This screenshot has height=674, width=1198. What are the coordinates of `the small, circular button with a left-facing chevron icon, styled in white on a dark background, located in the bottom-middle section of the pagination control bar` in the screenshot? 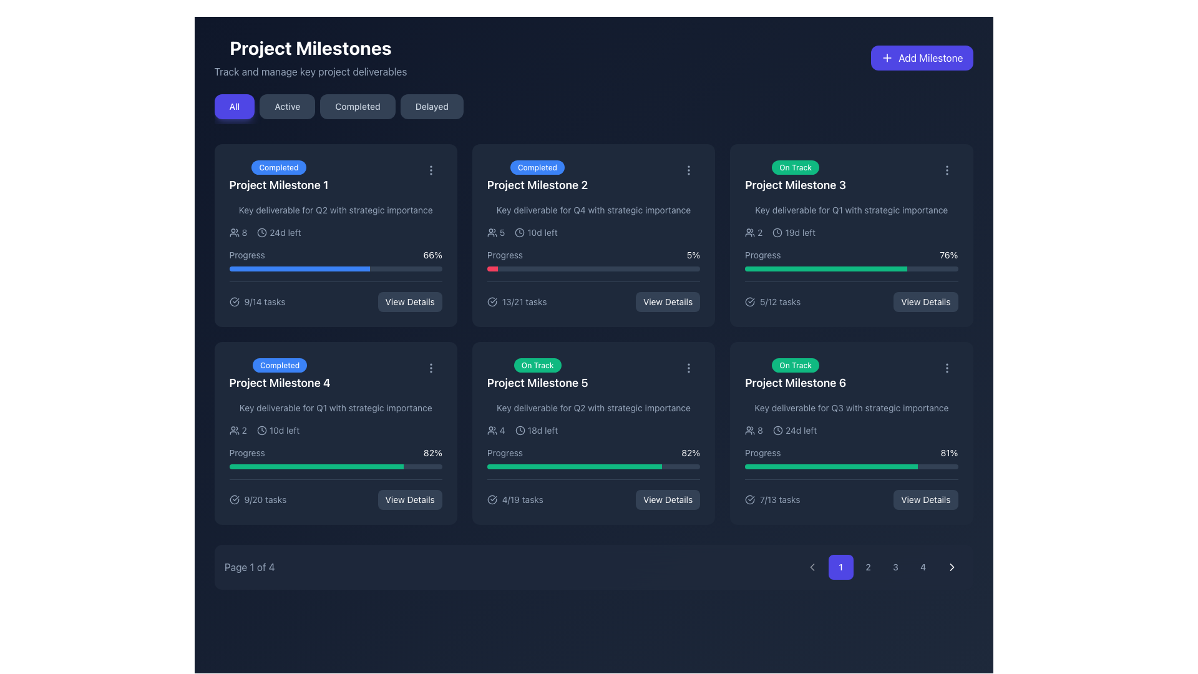 It's located at (812, 567).